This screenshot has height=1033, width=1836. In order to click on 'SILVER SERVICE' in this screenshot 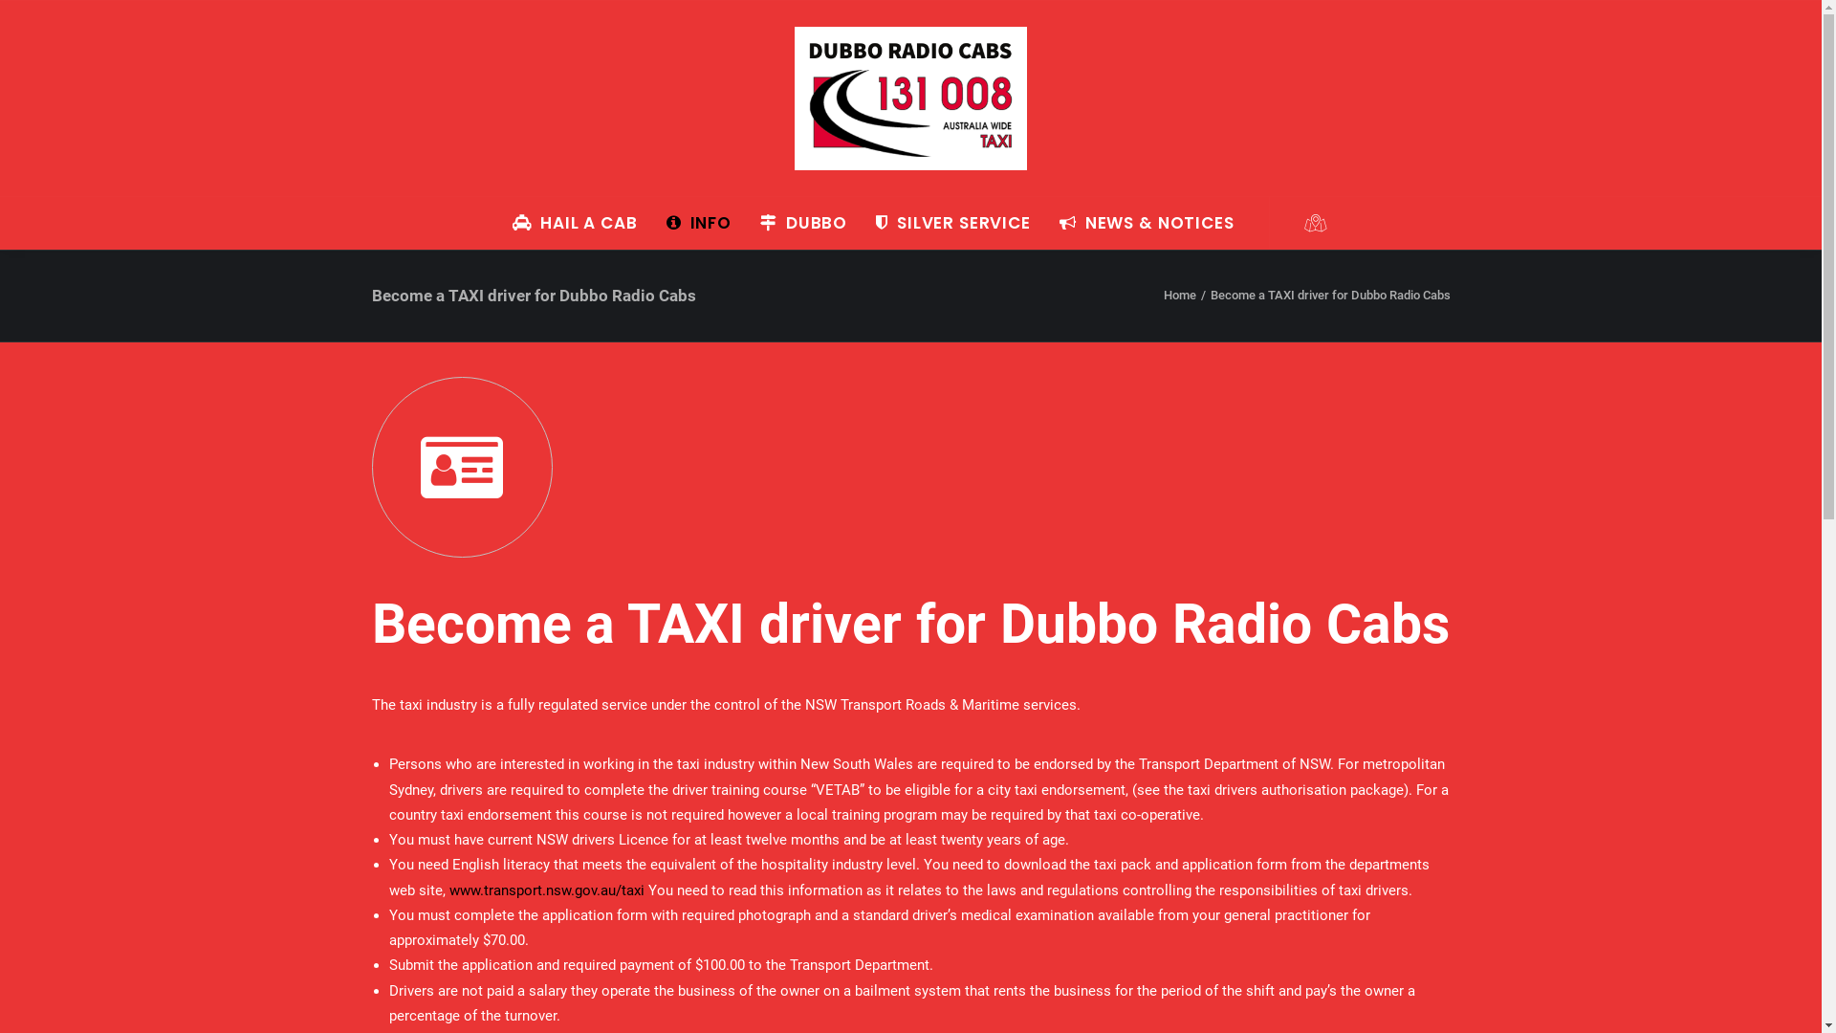, I will do `click(953, 221)`.